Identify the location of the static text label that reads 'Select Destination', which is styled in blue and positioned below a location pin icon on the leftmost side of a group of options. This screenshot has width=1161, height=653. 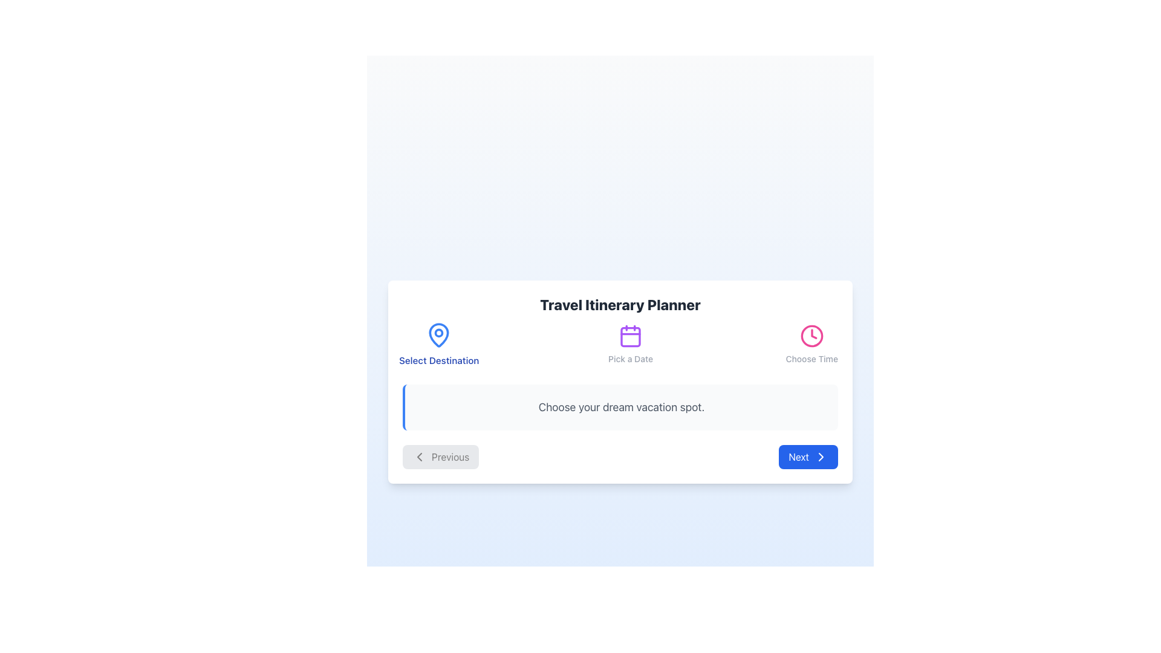
(438, 360).